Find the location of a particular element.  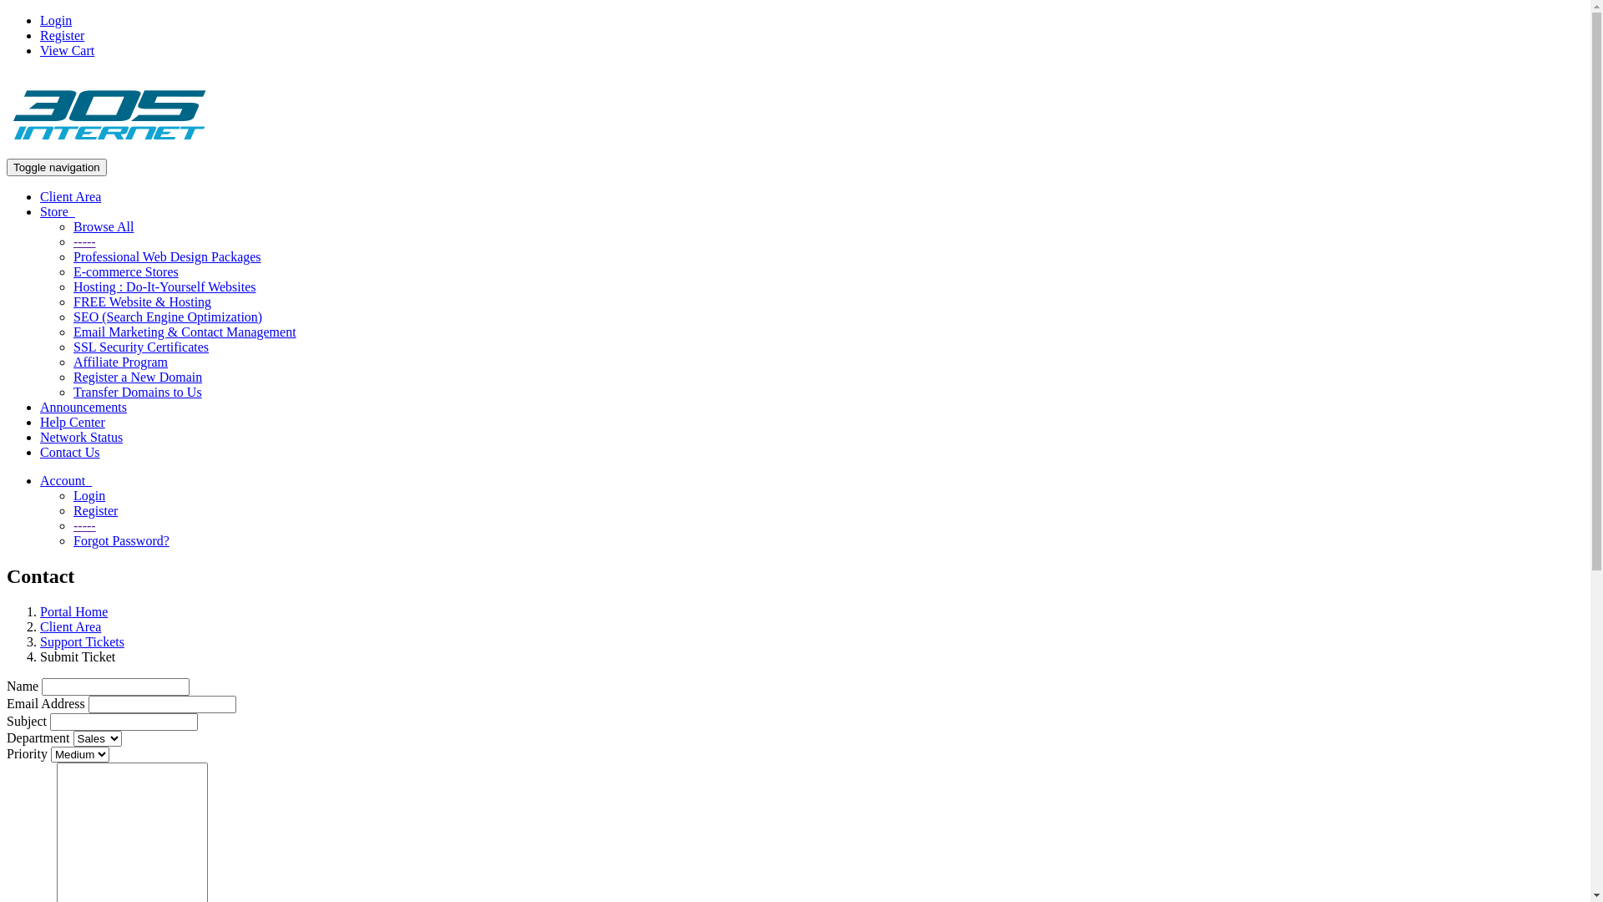

'Toggle navigation' is located at coordinates (56, 167).